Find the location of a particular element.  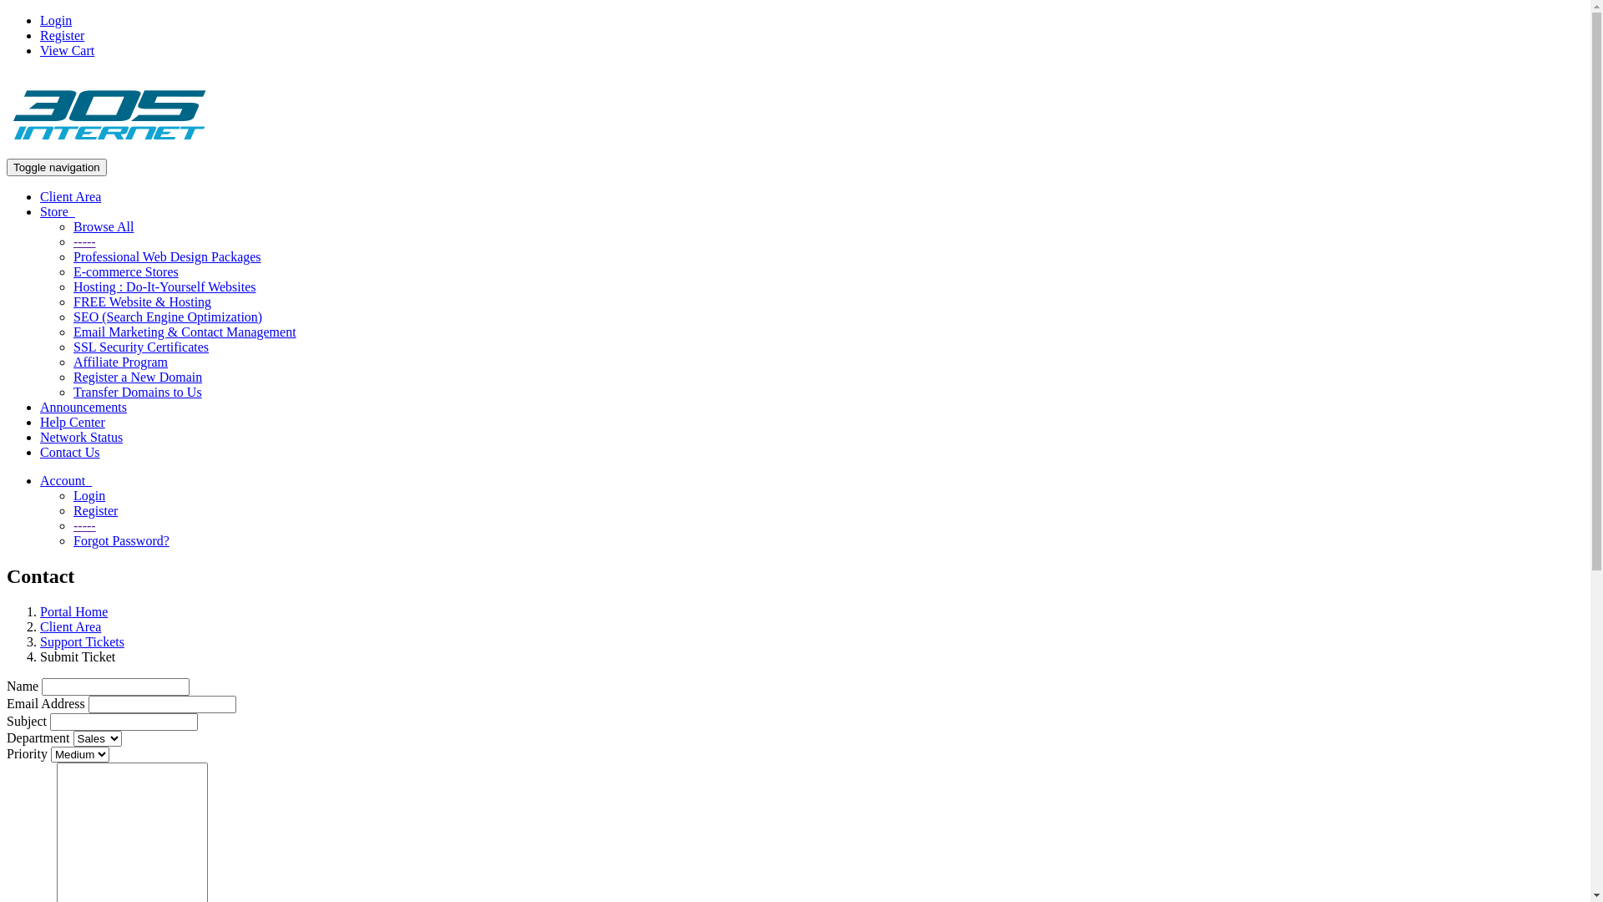

'Toggle navigation' is located at coordinates (56, 167).